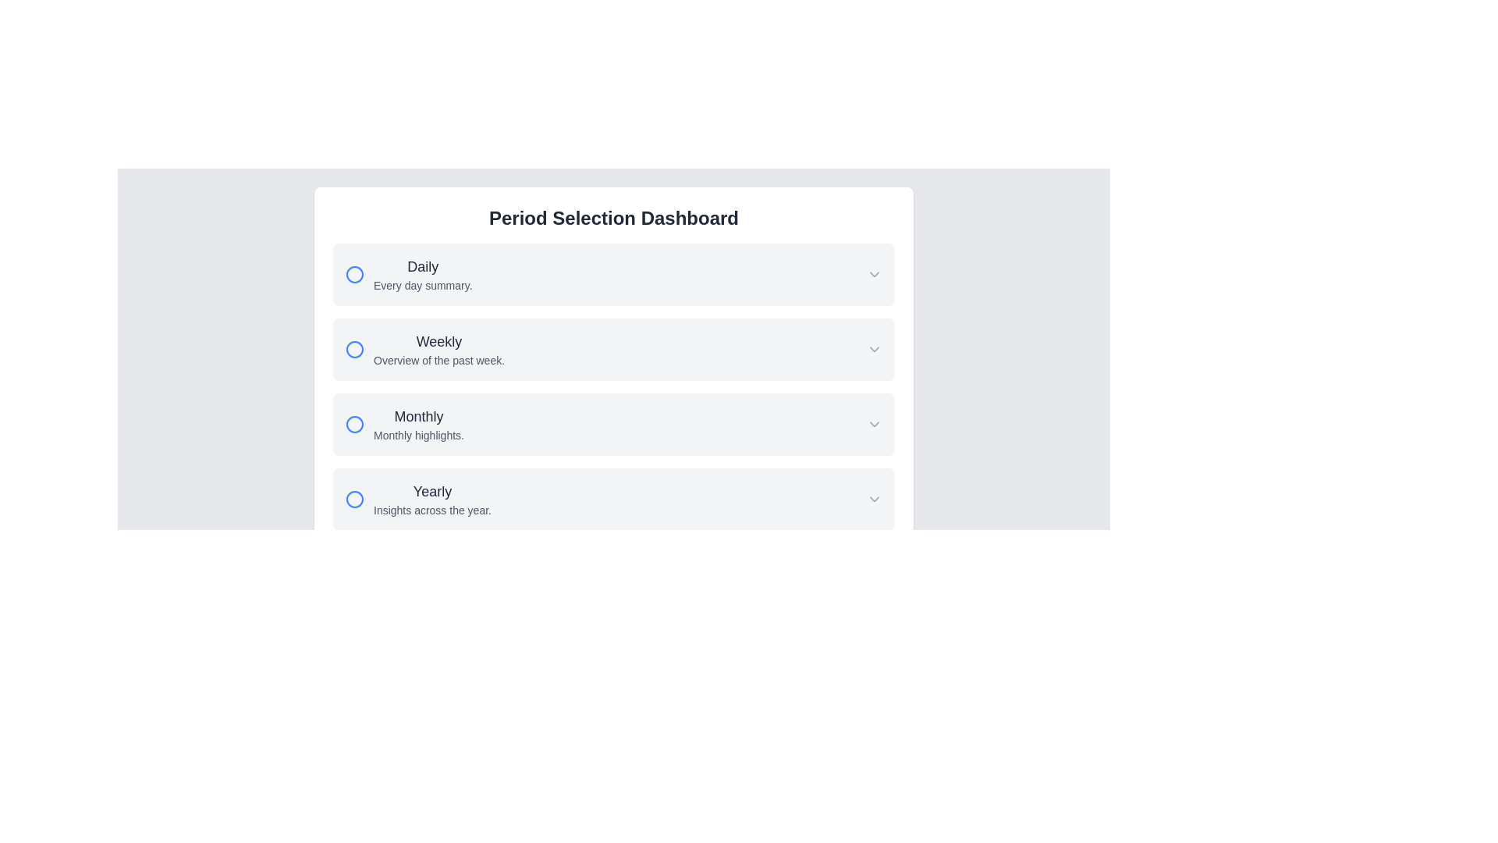 Image resolution: width=1498 pixels, height=843 pixels. What do you see at coordinates (423, 273) in the screenshot?
I see `the 'Daily' Text Label which describes the corresponding summary period option in the Period Selection Dashboard` at bounding box center [423, 273].